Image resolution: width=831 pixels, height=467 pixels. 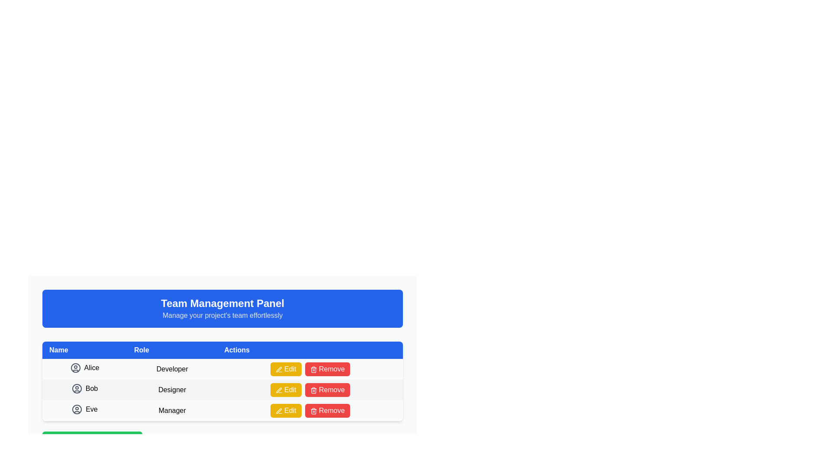 What do you see at coordinates (85, 369) in the screenshot?
I see `the label representing the user 'Alice' in the first row of the data table under the 'Name' column` at bounding box center [85, 369].